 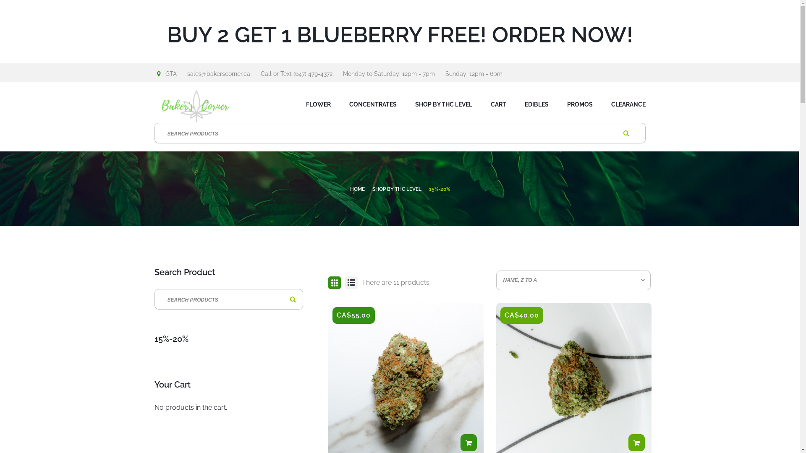 I want to click on 'Baker's Corner', so click(x=211, y=106).